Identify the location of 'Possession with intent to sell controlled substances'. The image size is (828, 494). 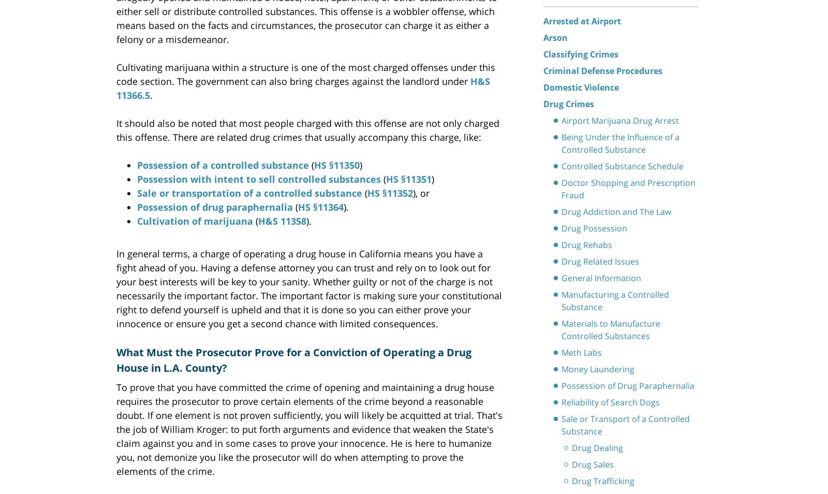
(258, 178).